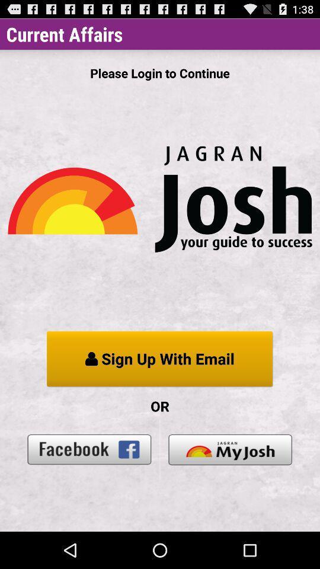 Image resolution: width=320 pixels, height=569 pixels. Describe the element at coordinates (230, 449) in the screenshot. I see `the icon below the or` at that location.